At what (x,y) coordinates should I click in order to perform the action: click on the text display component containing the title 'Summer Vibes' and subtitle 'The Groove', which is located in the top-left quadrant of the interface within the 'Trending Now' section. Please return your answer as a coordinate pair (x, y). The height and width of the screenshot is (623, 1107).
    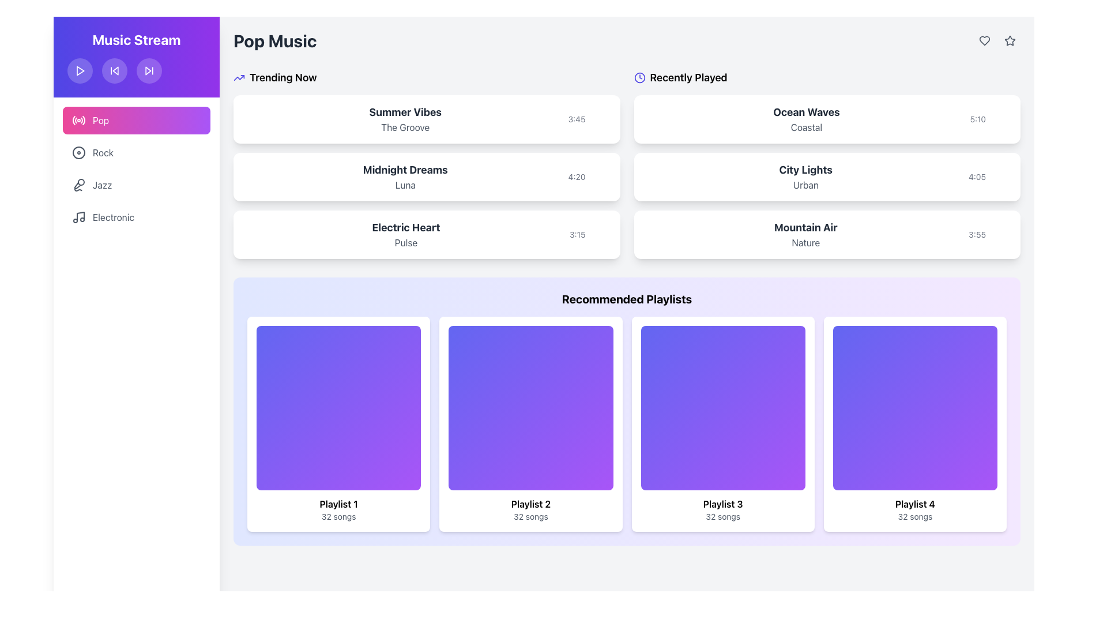
    Looking at the image, I should click on (405, 119).